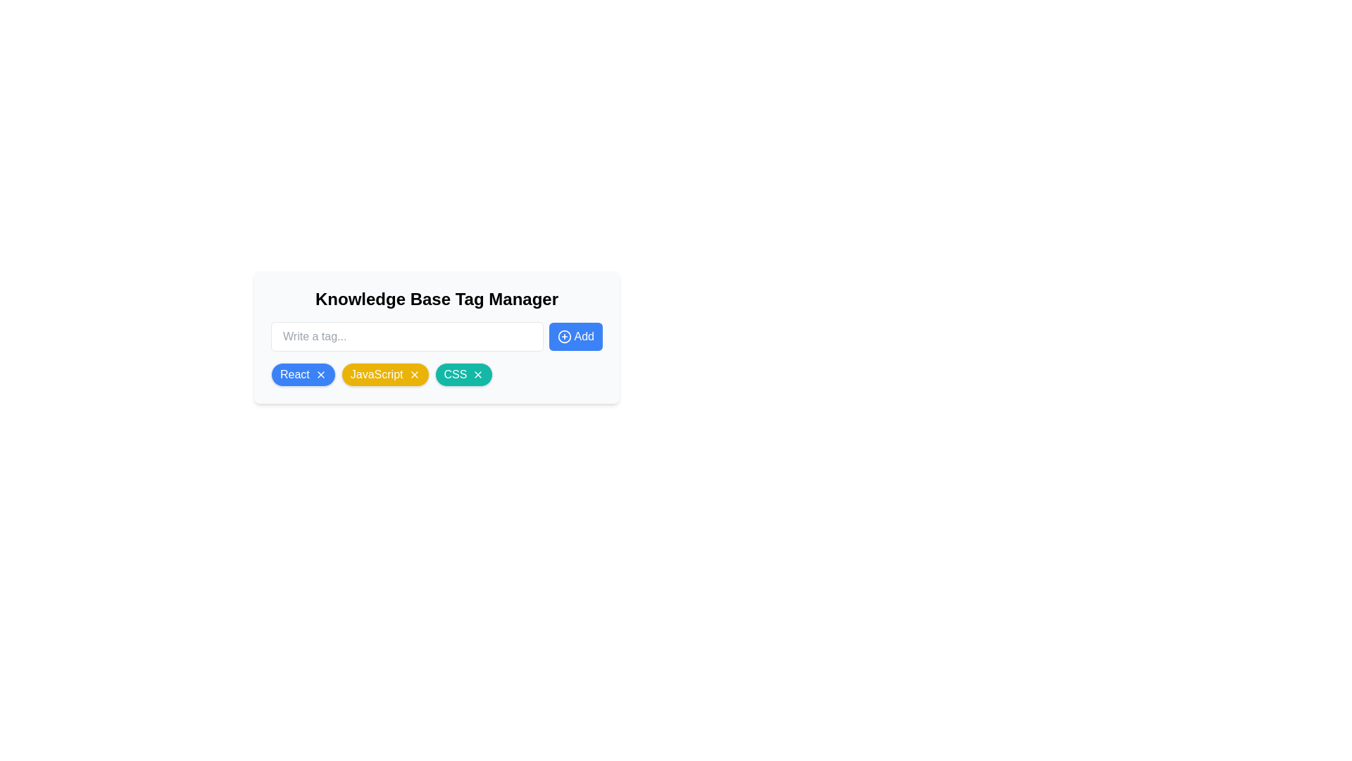  I want to click on the close icon on any tag within the 'Knowledge Base Tag Manager' input element, which features a white background and rounded corners, and includes tags such as 'React,' 'JavaScript,' and 'CSS.', so click(436, 393).